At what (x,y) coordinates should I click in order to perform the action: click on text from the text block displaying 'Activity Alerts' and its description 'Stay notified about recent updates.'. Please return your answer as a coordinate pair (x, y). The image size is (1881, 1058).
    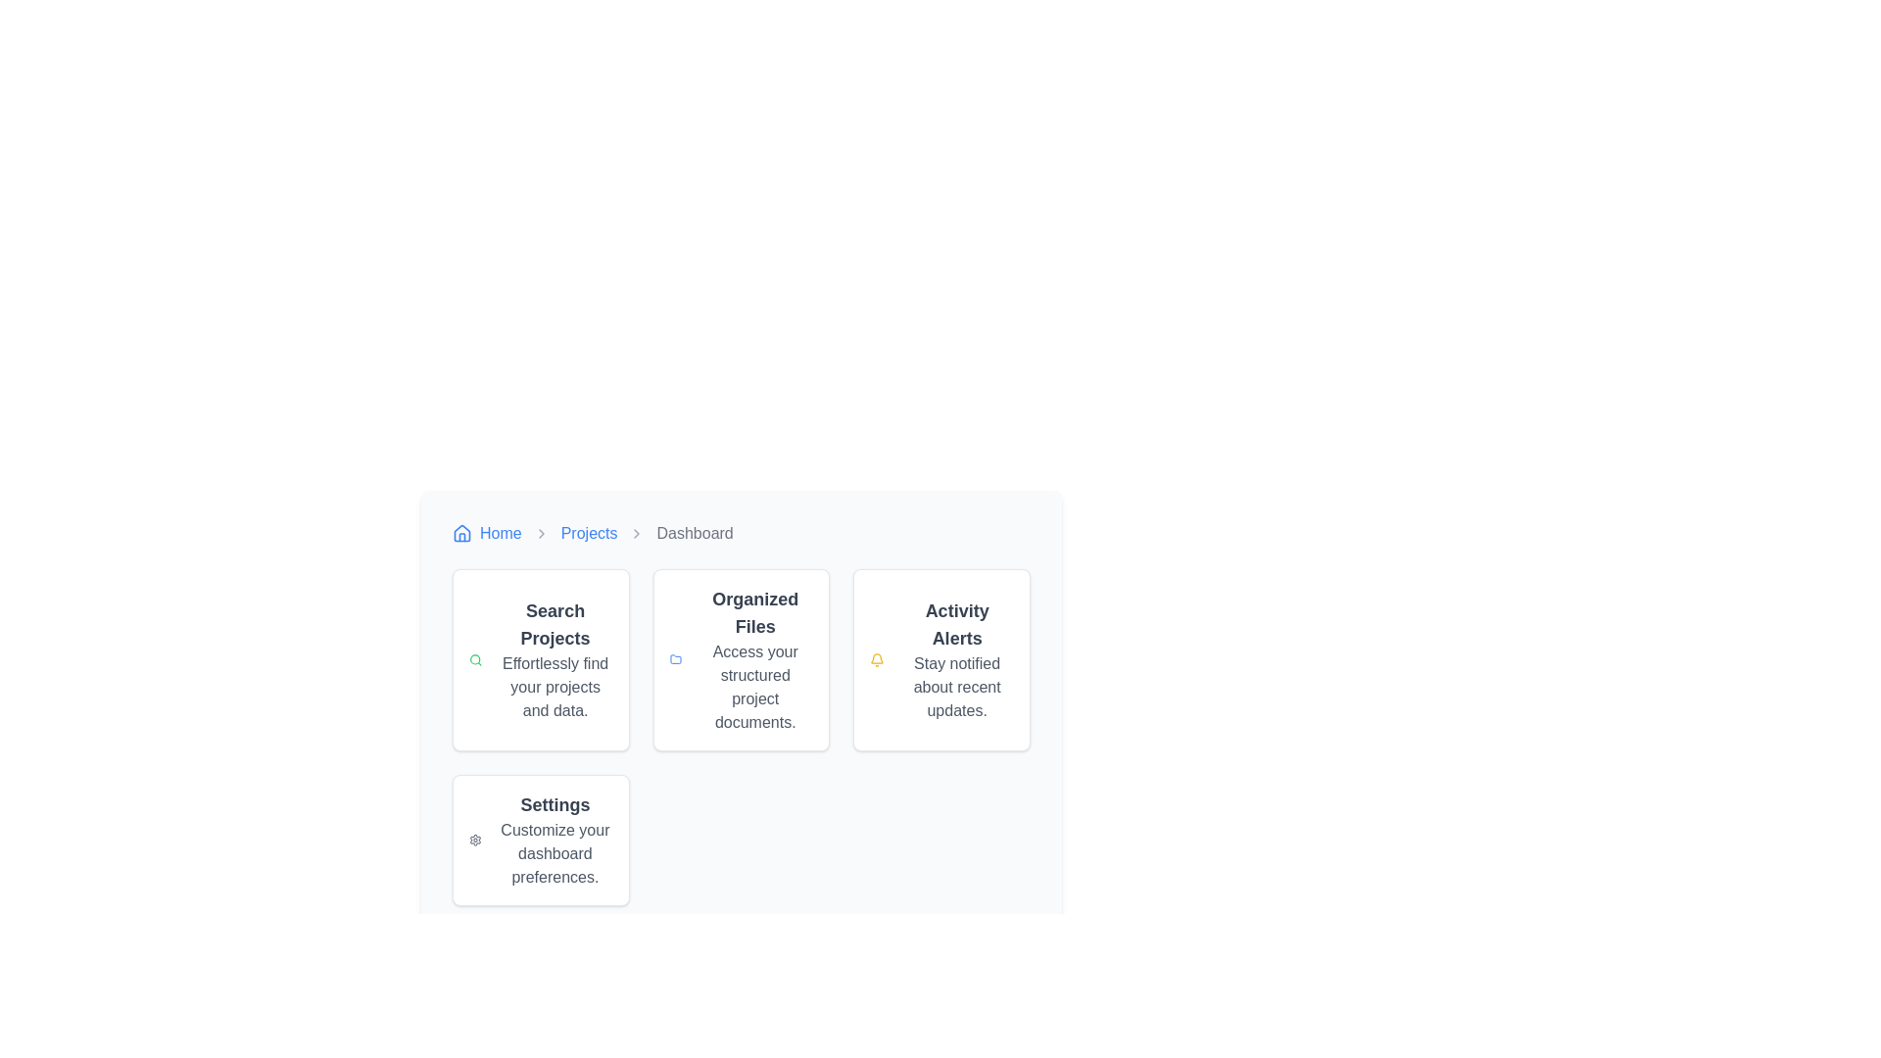
    Looking at the image, I should click on (957, 660).